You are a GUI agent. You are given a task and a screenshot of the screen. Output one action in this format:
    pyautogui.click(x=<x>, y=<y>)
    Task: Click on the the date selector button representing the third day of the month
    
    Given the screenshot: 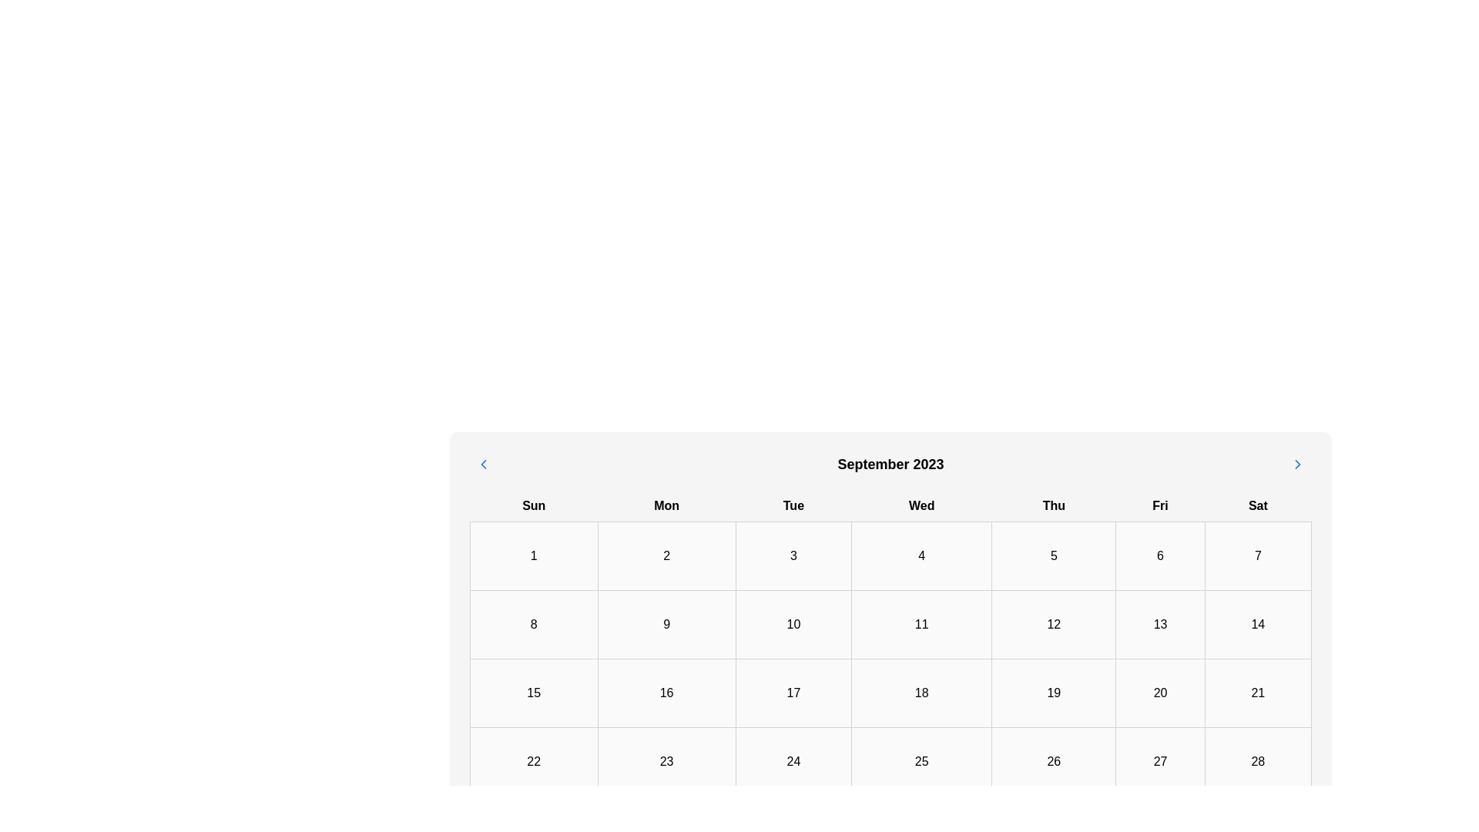 What is the action you would take?
    pyautogui.click(x=793, y=555)
    